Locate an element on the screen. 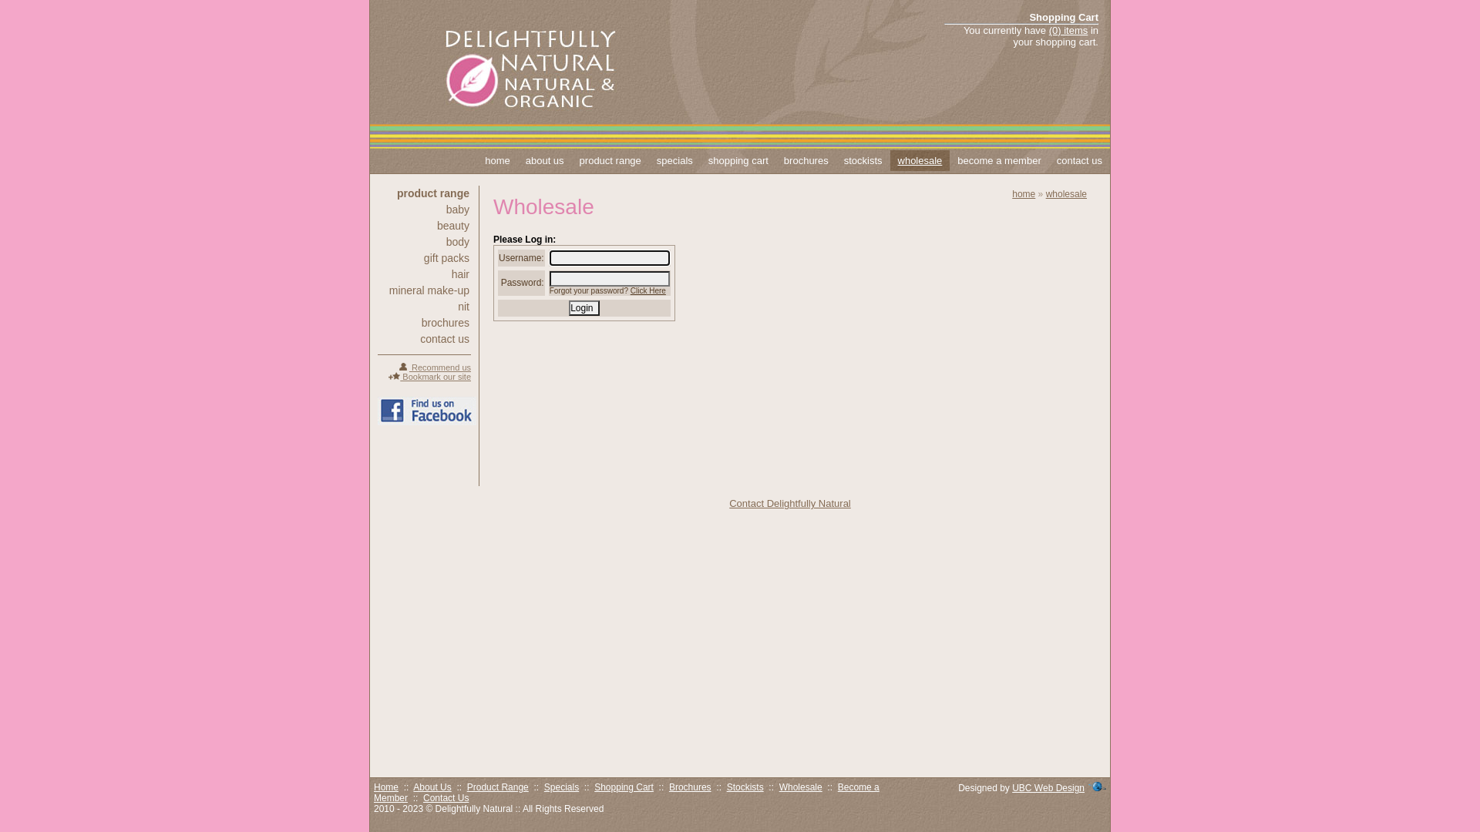  'body' is located at coordinates (424, 241).